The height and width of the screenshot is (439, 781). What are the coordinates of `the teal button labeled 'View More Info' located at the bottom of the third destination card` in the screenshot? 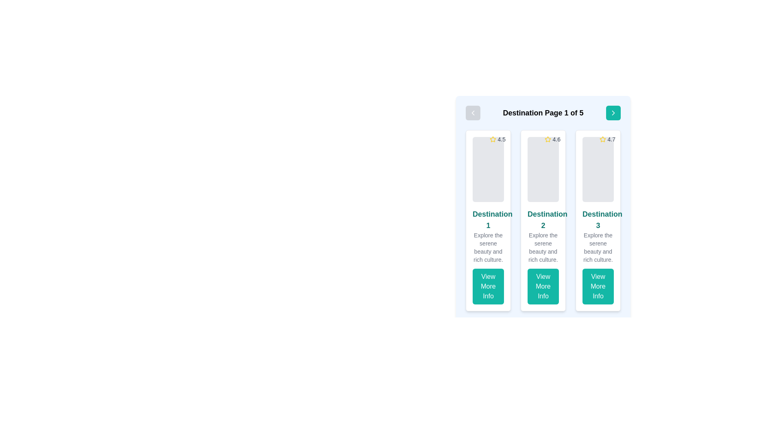 It's located at (598, 286).